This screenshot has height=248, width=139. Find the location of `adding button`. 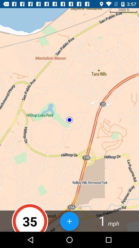

adding button is located at coordinates (69, 221).